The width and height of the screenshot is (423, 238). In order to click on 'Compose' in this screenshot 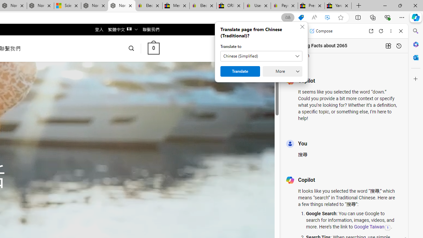, I will do `click(321, 31)`.